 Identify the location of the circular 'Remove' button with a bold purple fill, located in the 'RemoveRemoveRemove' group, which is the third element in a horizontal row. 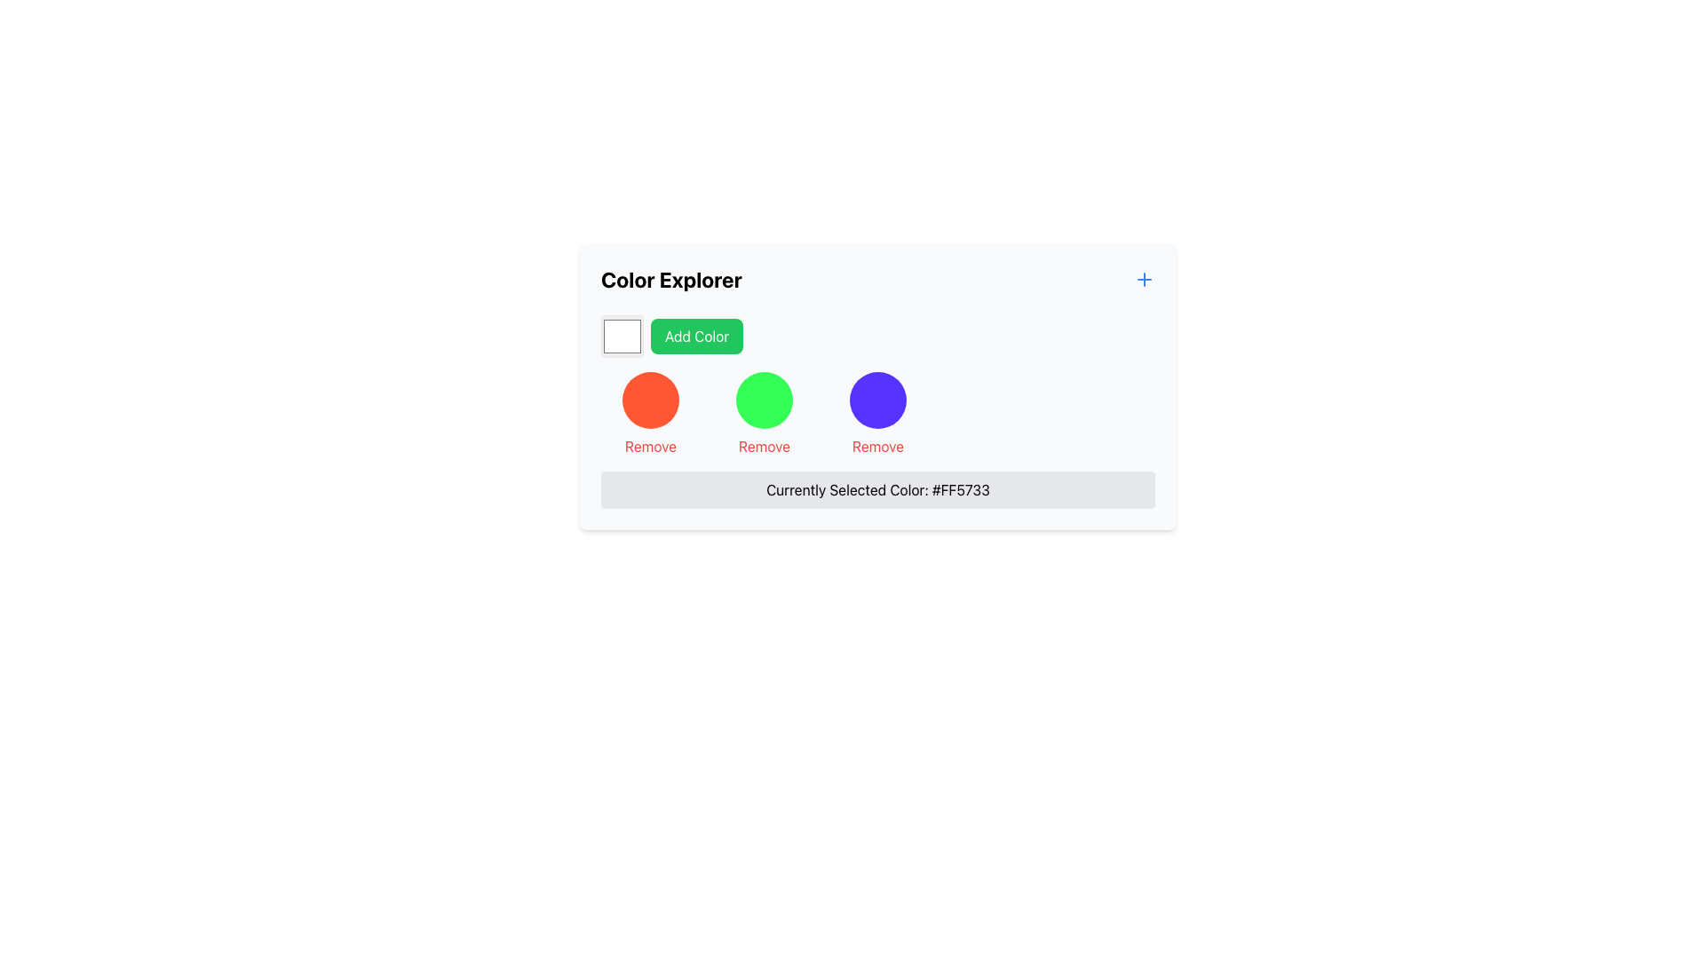
(877, 414).